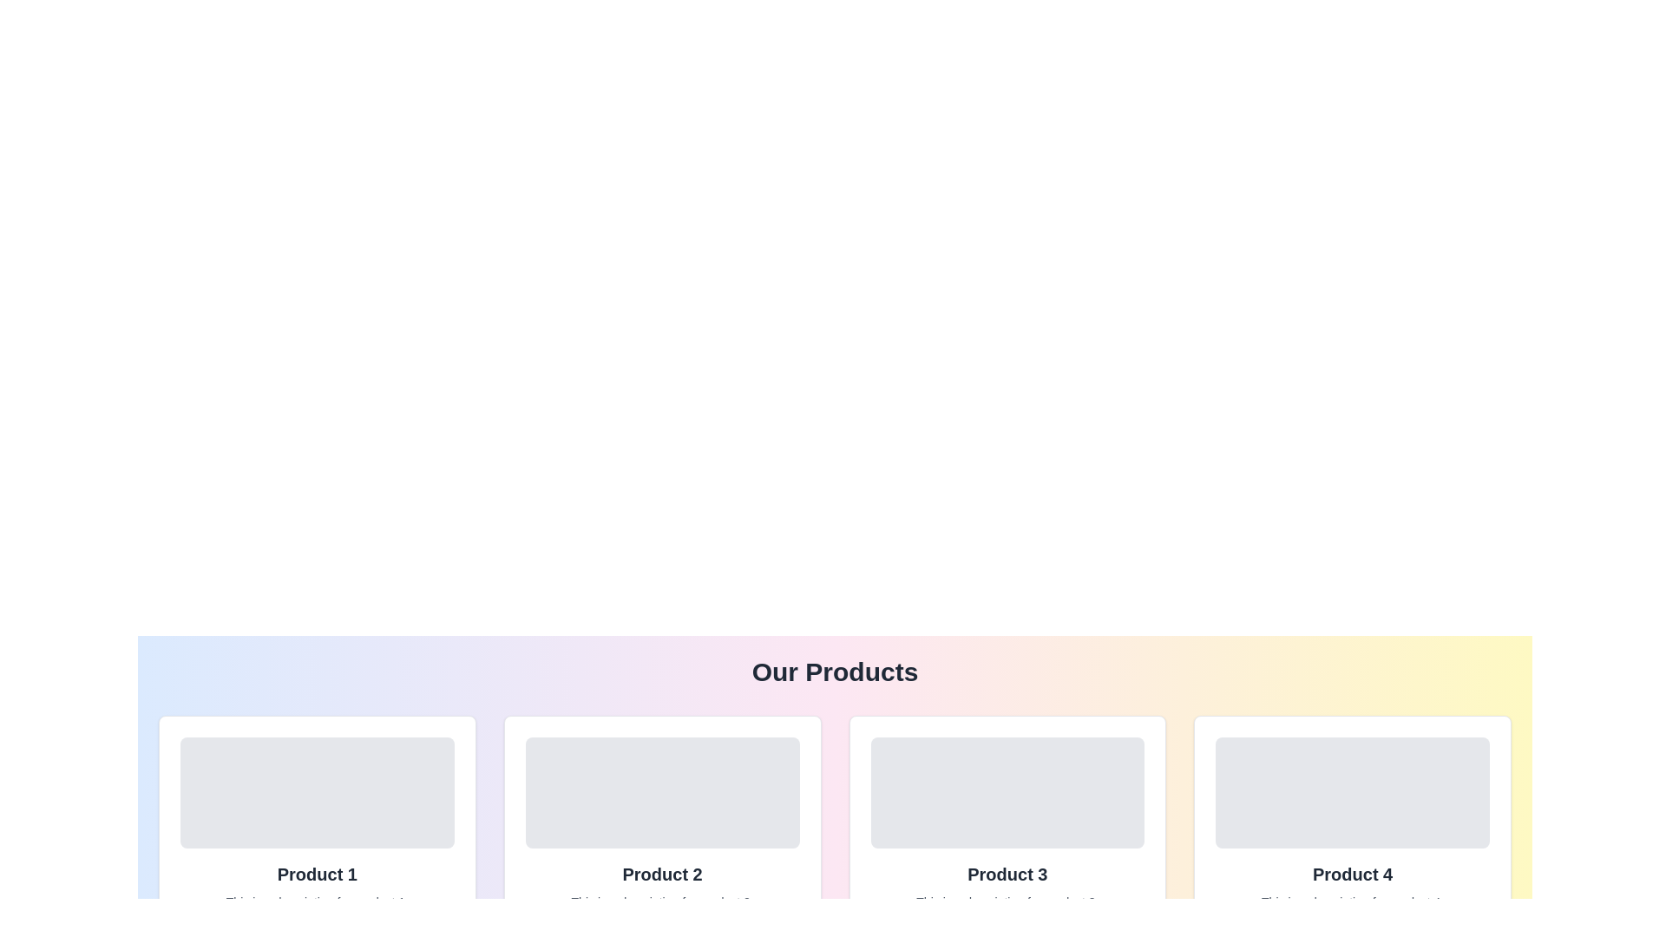 The width and height of the screenshot is (1666, 937). What do you see at coordinates (661, 793) in the screenshot?
I see `the Image Placeholder for 'Product 2', which is a horizontally rectangular element with rounded corners and a gray background, located at the top of its card layout` at bounding box center [661, 793].